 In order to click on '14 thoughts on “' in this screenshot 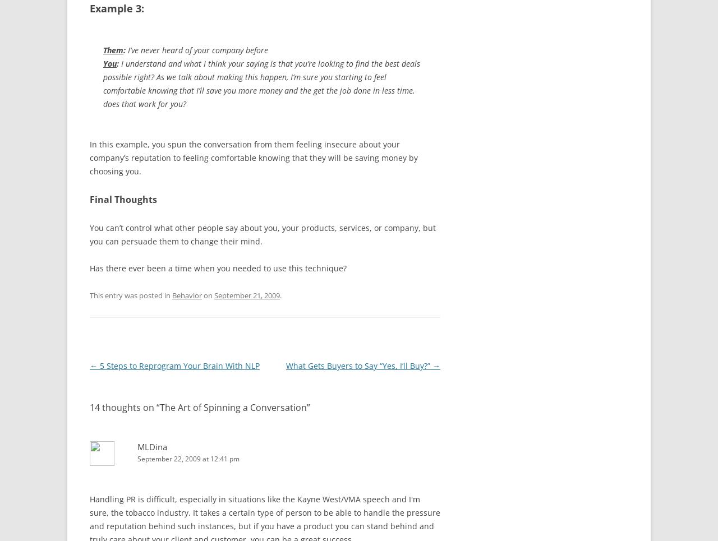, I will do `click(125, 408)`.